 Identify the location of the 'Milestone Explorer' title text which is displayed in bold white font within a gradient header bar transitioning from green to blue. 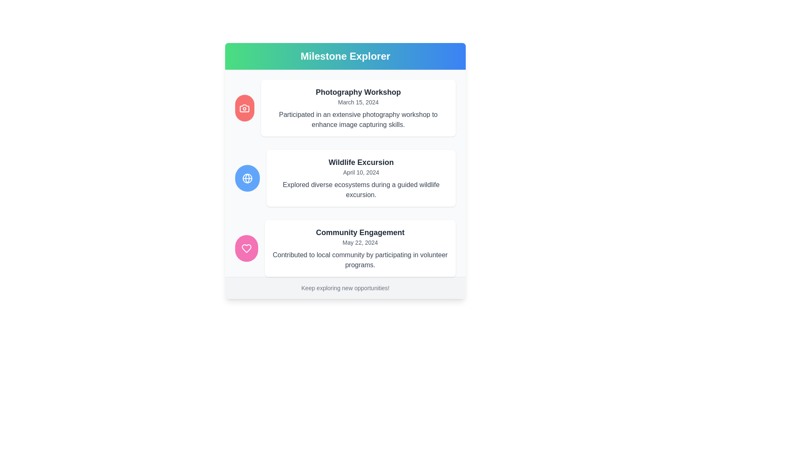
(345, 56).